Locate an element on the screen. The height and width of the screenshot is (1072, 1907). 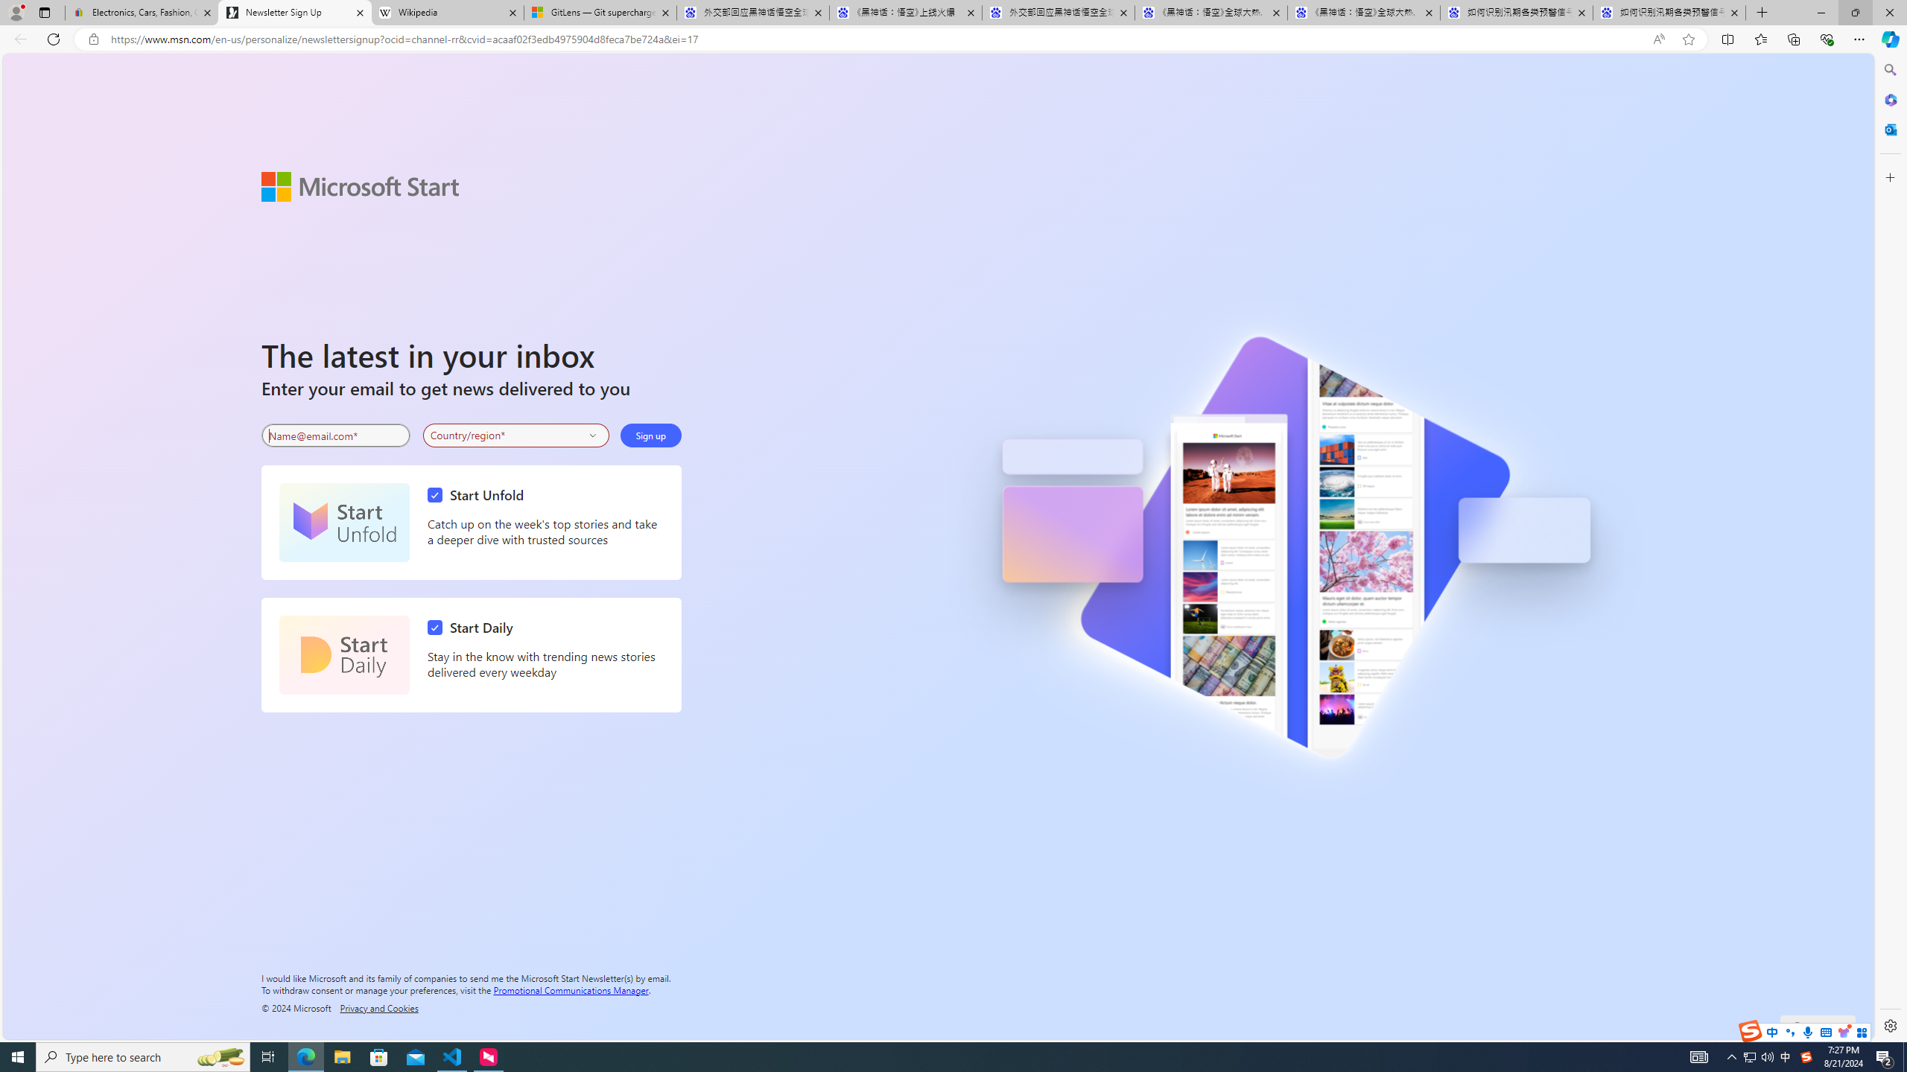
'Sign up' is located at coordinates (650, 435).